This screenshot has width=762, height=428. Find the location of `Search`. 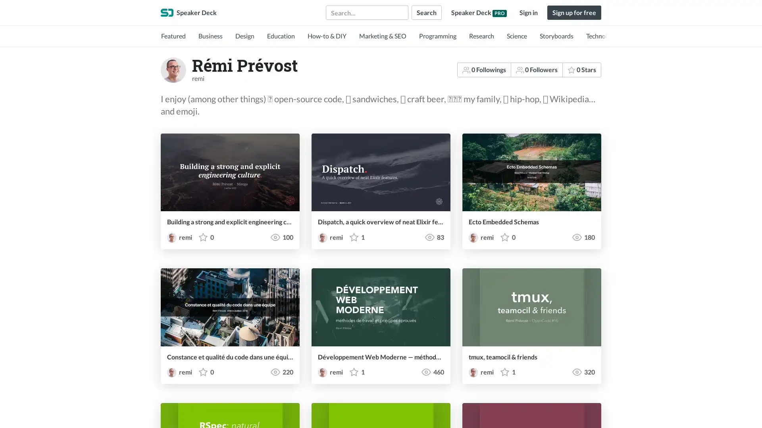

Search is located at coordinates (426, 12).